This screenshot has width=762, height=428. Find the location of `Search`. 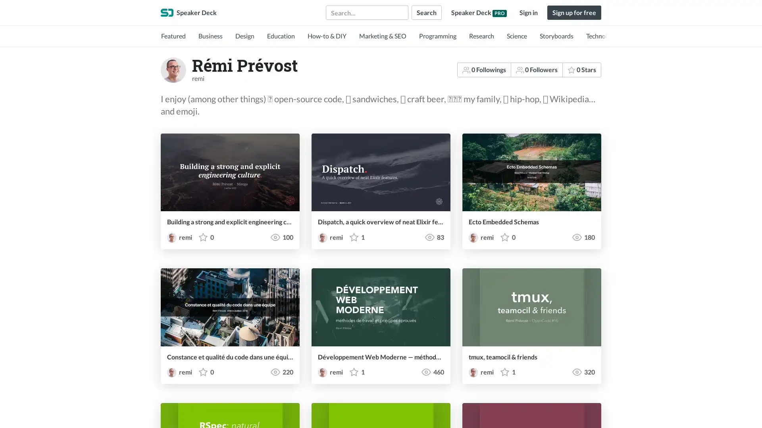

Search is located at coordinates (426, 12).